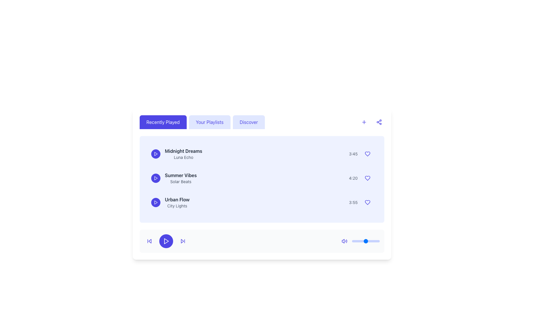 This screenshot has height=312, width=554. Describe the element at coordinates (261, 122) in the screenshot. I see `the Navigation bar located at the top of the main content area` at that location.